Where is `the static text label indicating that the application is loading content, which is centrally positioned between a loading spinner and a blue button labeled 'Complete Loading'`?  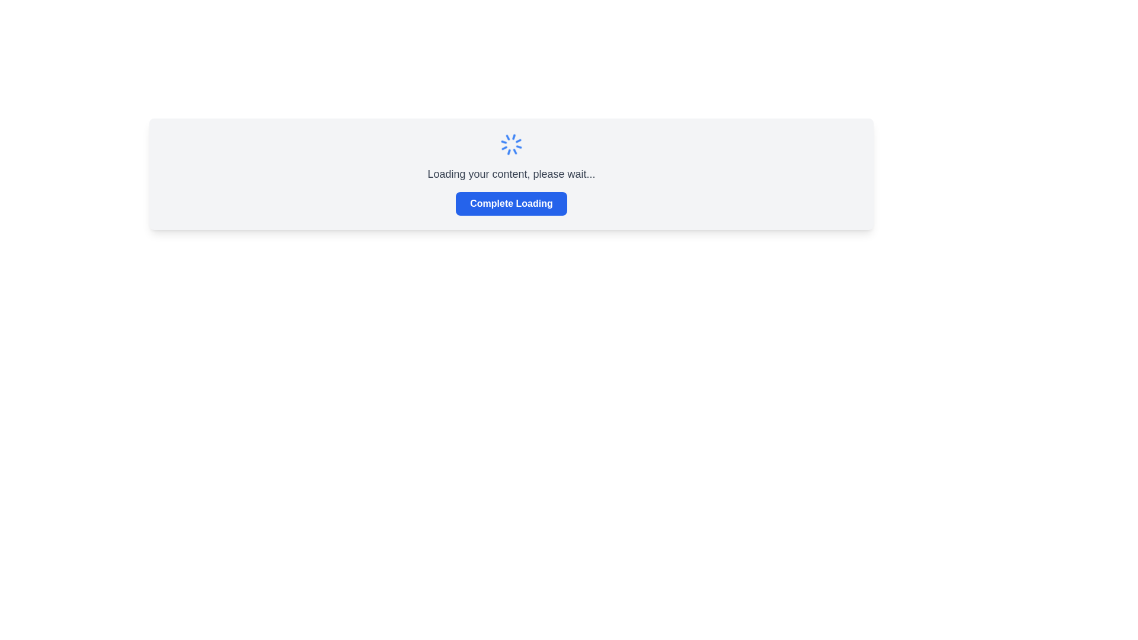 the static text label indicating that the application is loading content, which is centrally positioned between a loading spinner and a blue button labeled 'Complete Loading' is located at coordinates (512, 174).